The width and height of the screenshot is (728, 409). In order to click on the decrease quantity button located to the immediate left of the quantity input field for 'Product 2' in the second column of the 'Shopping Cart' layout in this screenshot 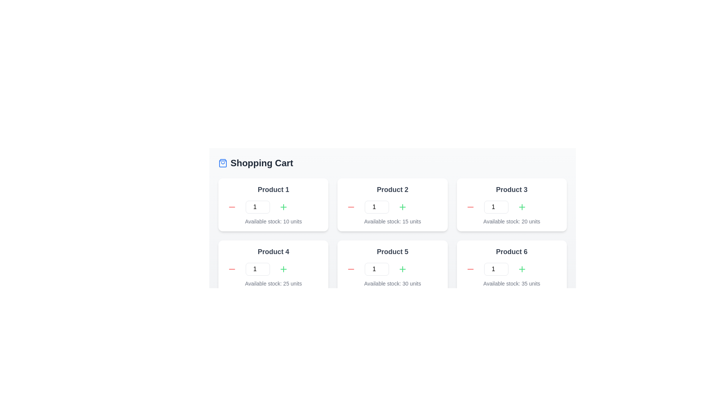, I will do `click(351, 207)`.